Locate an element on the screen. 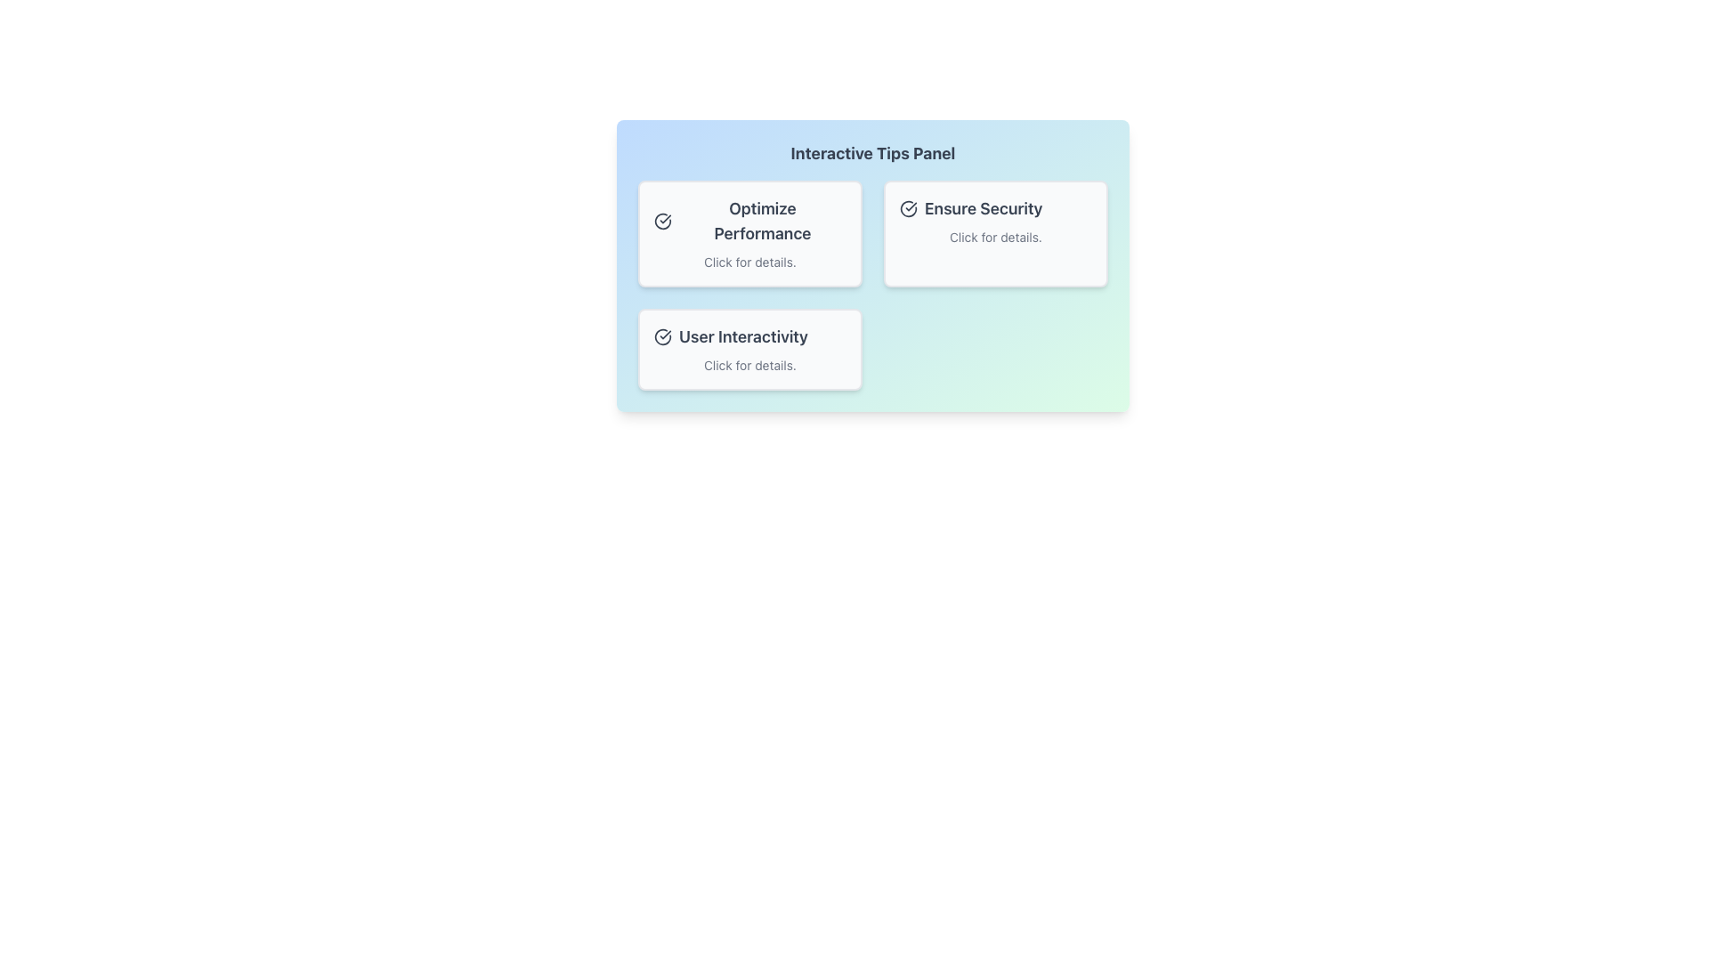 This screenshot has height=961, width=1709. the informational card about 'User Interactivity', which is the third element in the grid layout below 'Optimize Performance' and 'Ensure Security' is located at coordinates (750, 350).